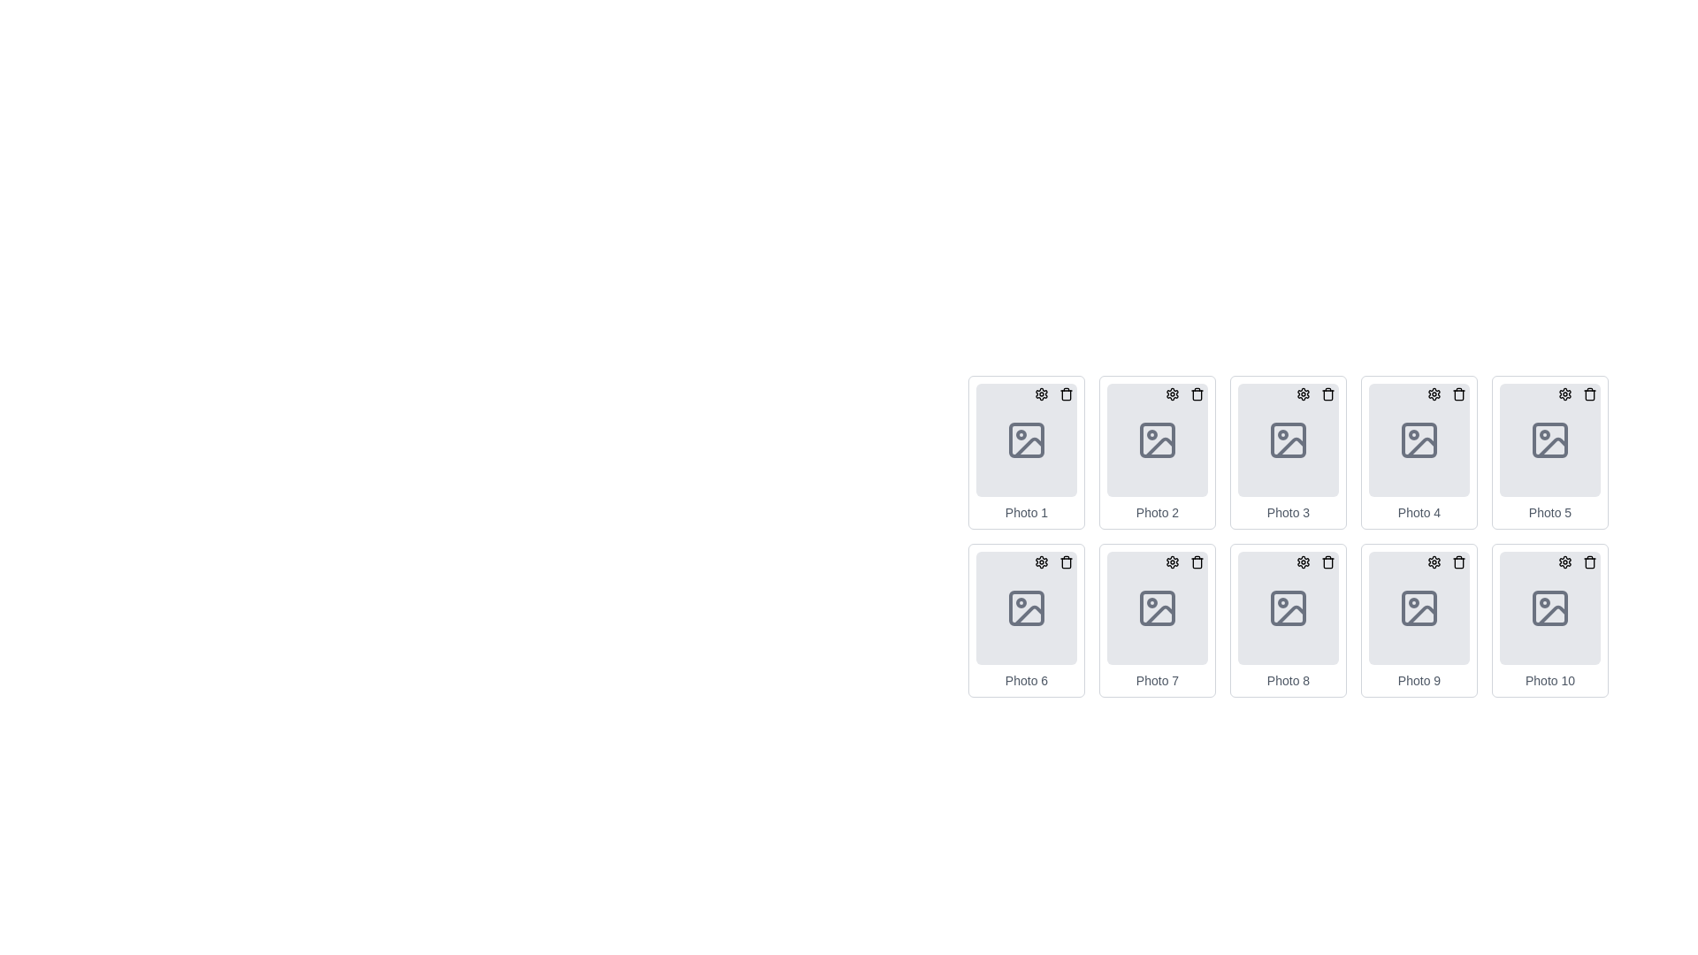 The image size is (1698, 955). Describe the element at coordinates (1053, 562) in the screenshot. I see `the trash can icon in the icon group at the top-right corner of the 'Photo 6' card` at that location.